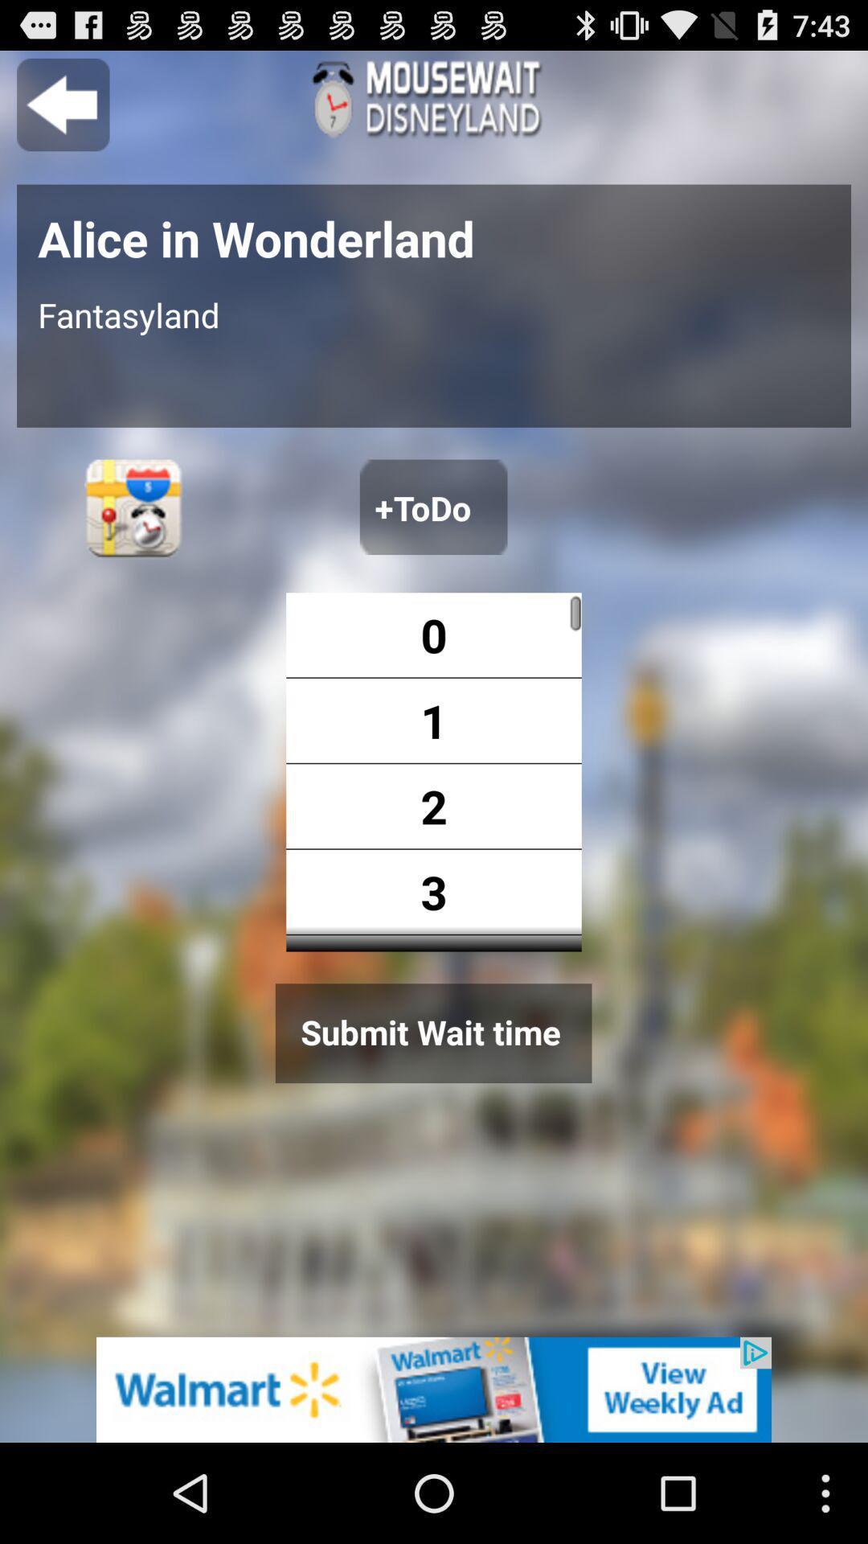  Describe the element at coordinates (432, 1033) in the screenshot. I see `submit option` at that location.